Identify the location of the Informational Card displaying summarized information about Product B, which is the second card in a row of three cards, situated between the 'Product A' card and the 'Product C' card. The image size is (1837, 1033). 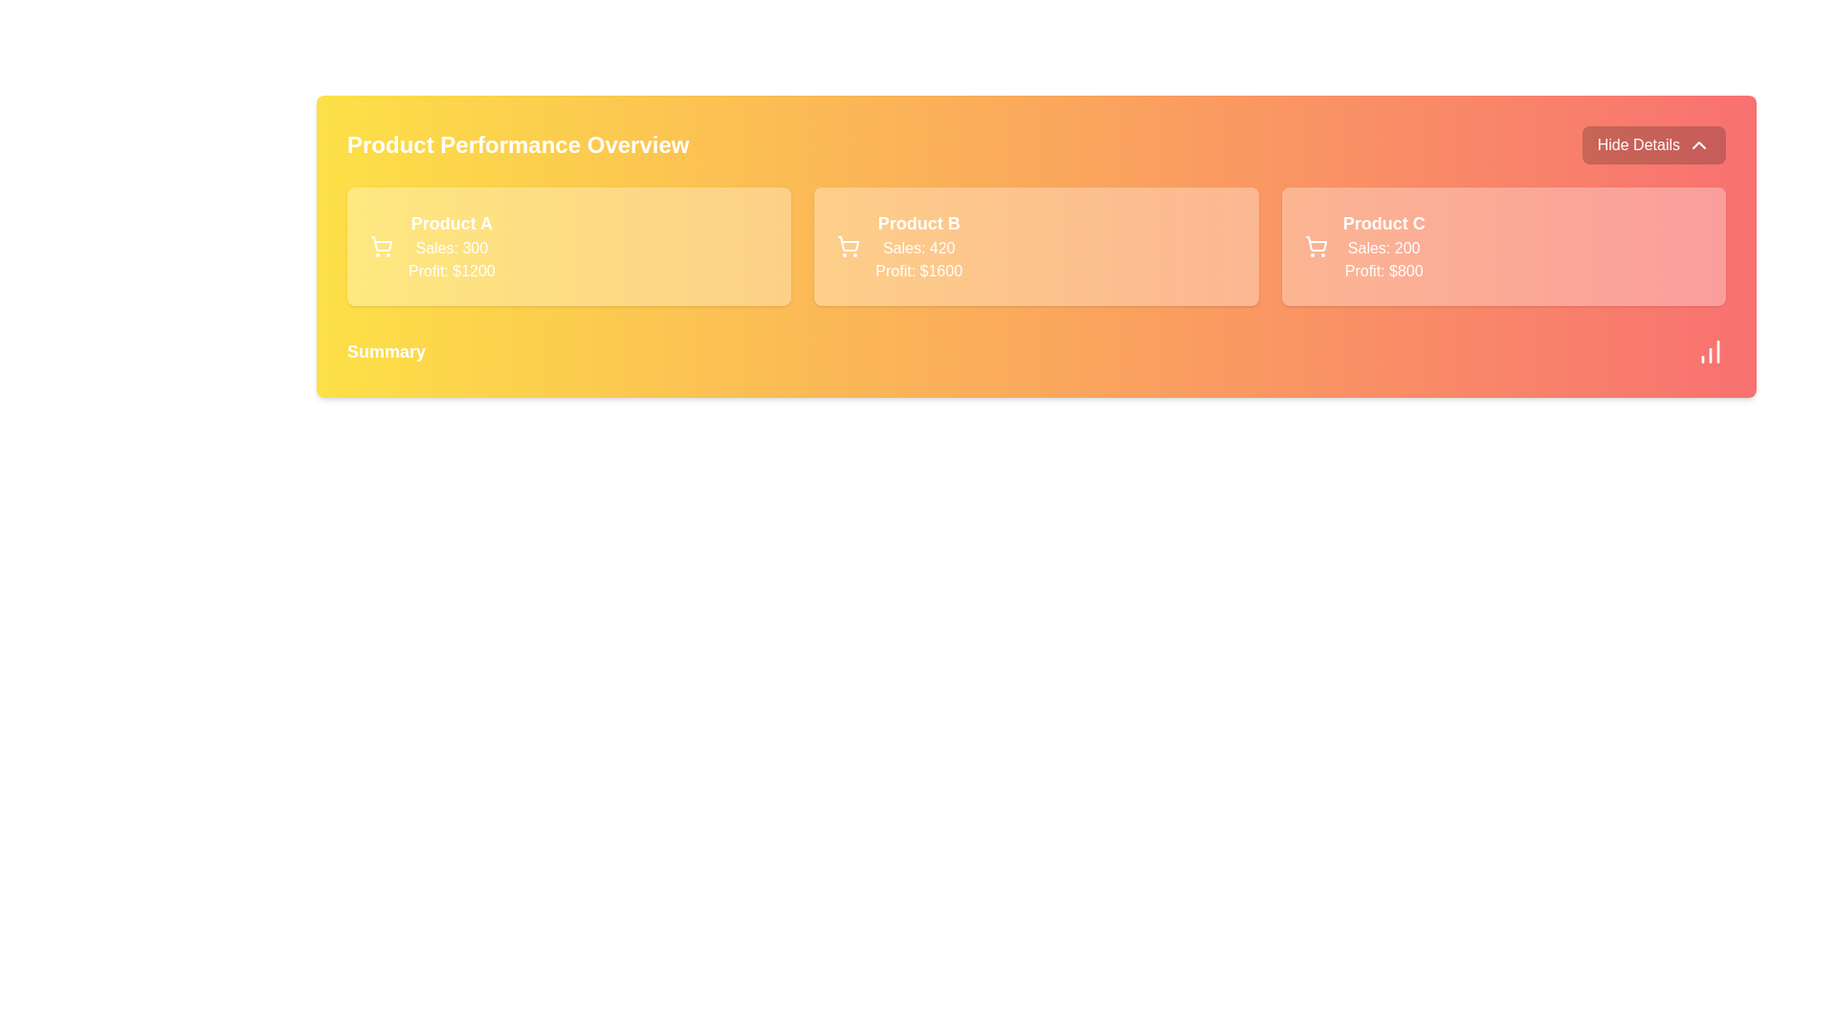
(1035, 246).